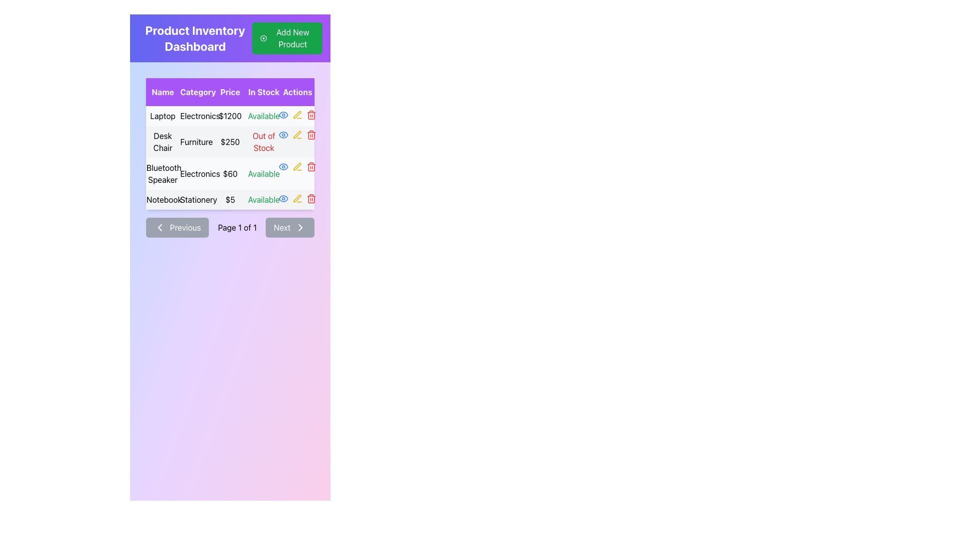 This screenshot has width=957, height=538. Describe the element at coordinates (297, 114) in the screenshot. I see `the pen icon button for editing in the 'Actions' column of the third row of the product details table` at that location.